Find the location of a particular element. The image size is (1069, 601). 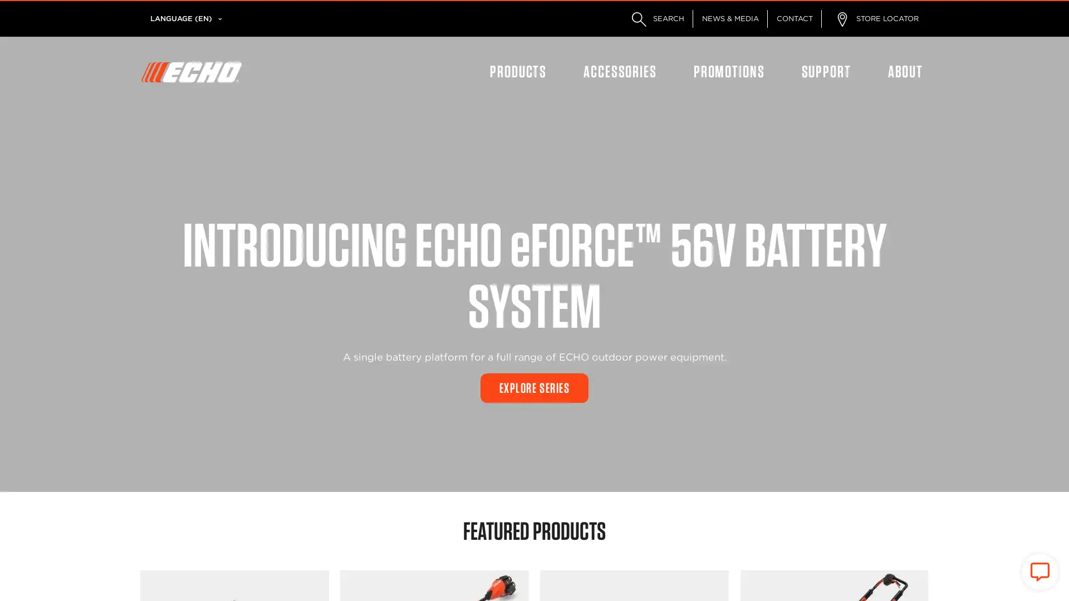

SEARCH is located at coordinates (655, 19).